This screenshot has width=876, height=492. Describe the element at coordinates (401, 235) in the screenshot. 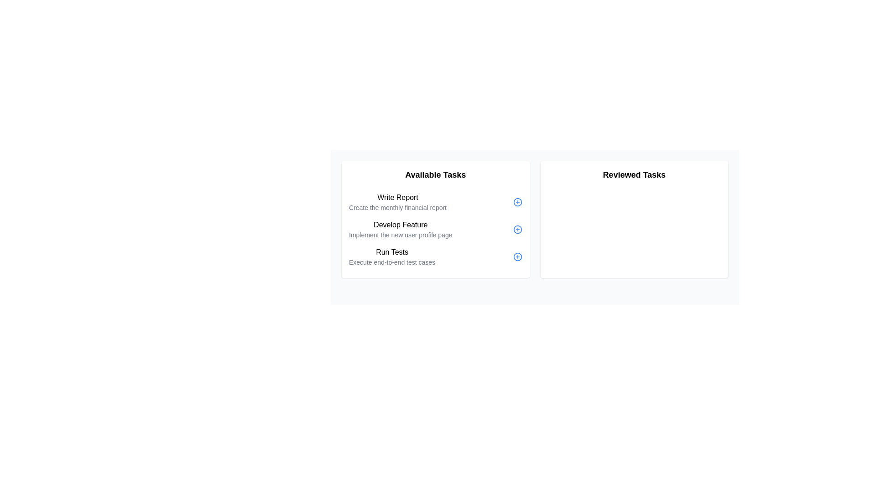

I see `the informational text element located beneath the 'Develop Feature' label in the 'Available Tasks' list` at that location.